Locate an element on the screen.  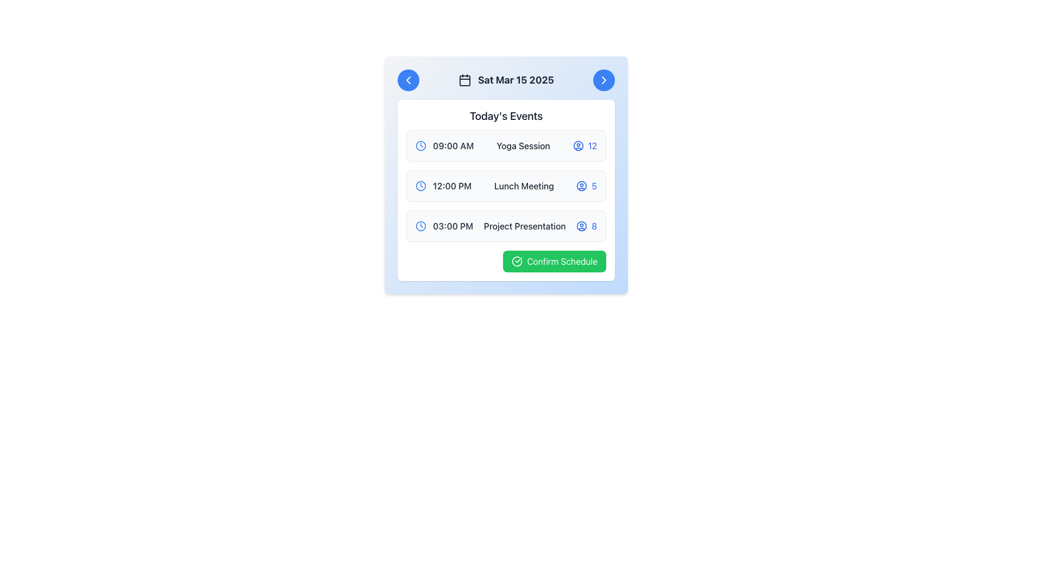
the blue circular button with a white left-pointing chevron icon is located at coordinates (408, 79).